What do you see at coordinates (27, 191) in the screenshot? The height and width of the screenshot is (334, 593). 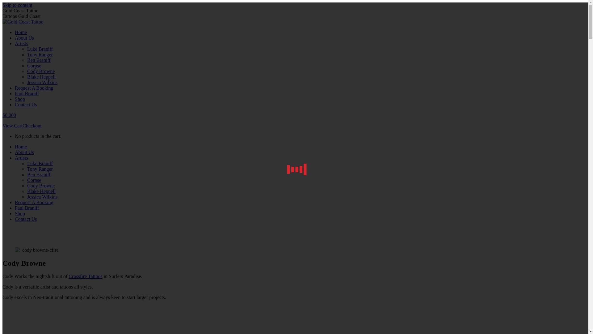 I see `'Blake Heppell'` at bounding box center [27, 191].